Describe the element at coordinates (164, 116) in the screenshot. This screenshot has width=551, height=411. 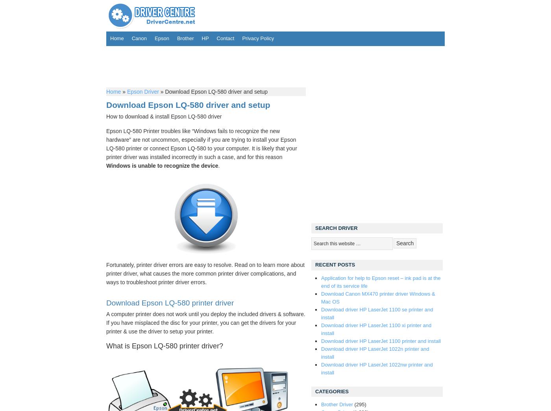
I see `'How to download & install Epson LQ-580 driver'` at that location.